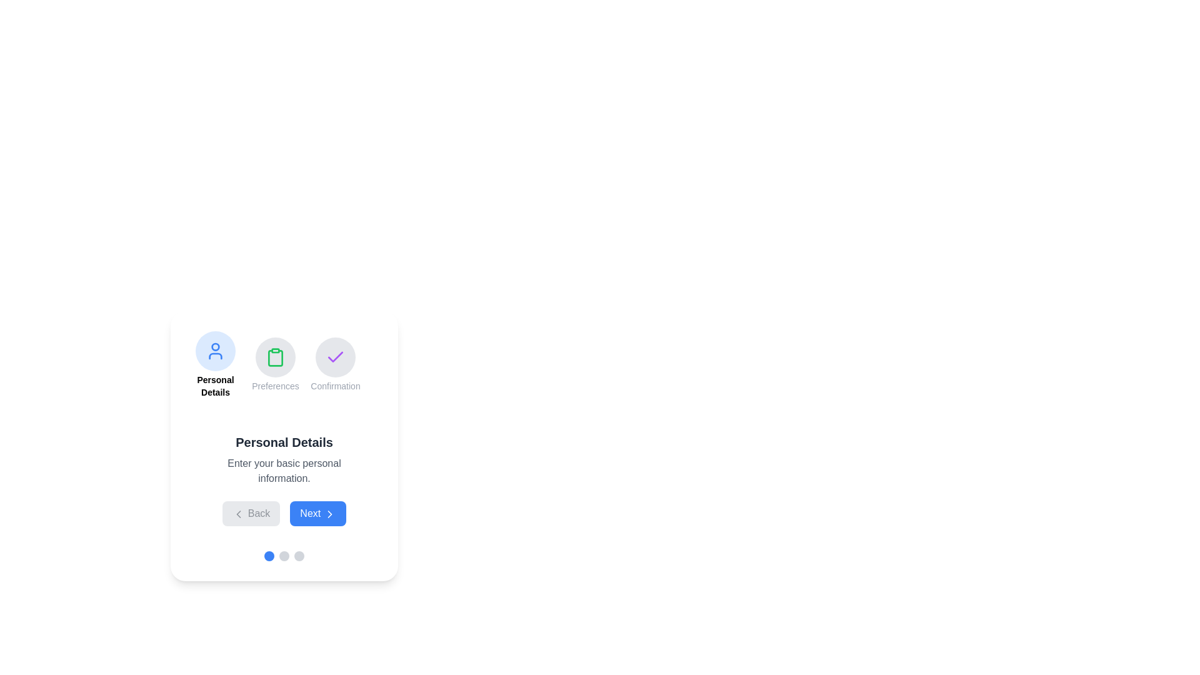  I want to click on the 'Previous' button located in the lower section of the card interface, which allows navigation to the previous step in a multi-step process, so click(251, 513).